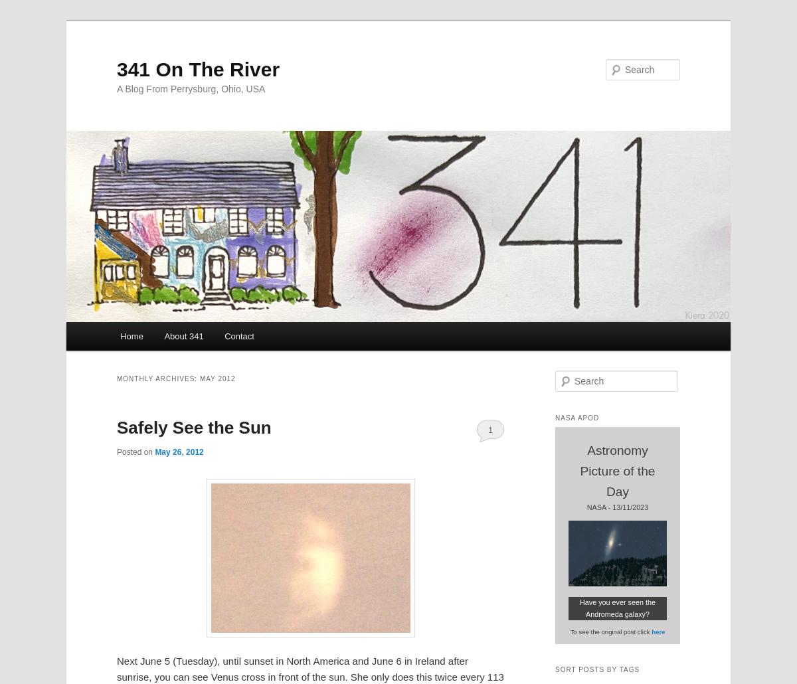 The height and width of the screenshot is (684, 797). I want to click on 'NASA - 13/11/2023', so click(617, 507).